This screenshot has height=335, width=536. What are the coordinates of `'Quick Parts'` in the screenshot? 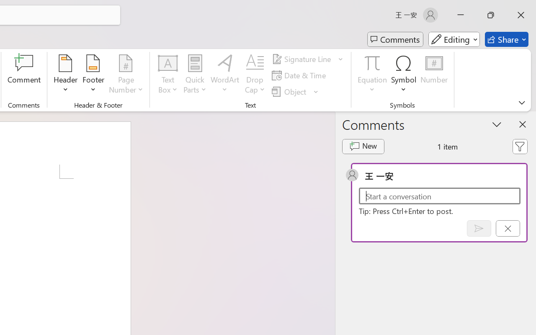 It's located at (194, 75).